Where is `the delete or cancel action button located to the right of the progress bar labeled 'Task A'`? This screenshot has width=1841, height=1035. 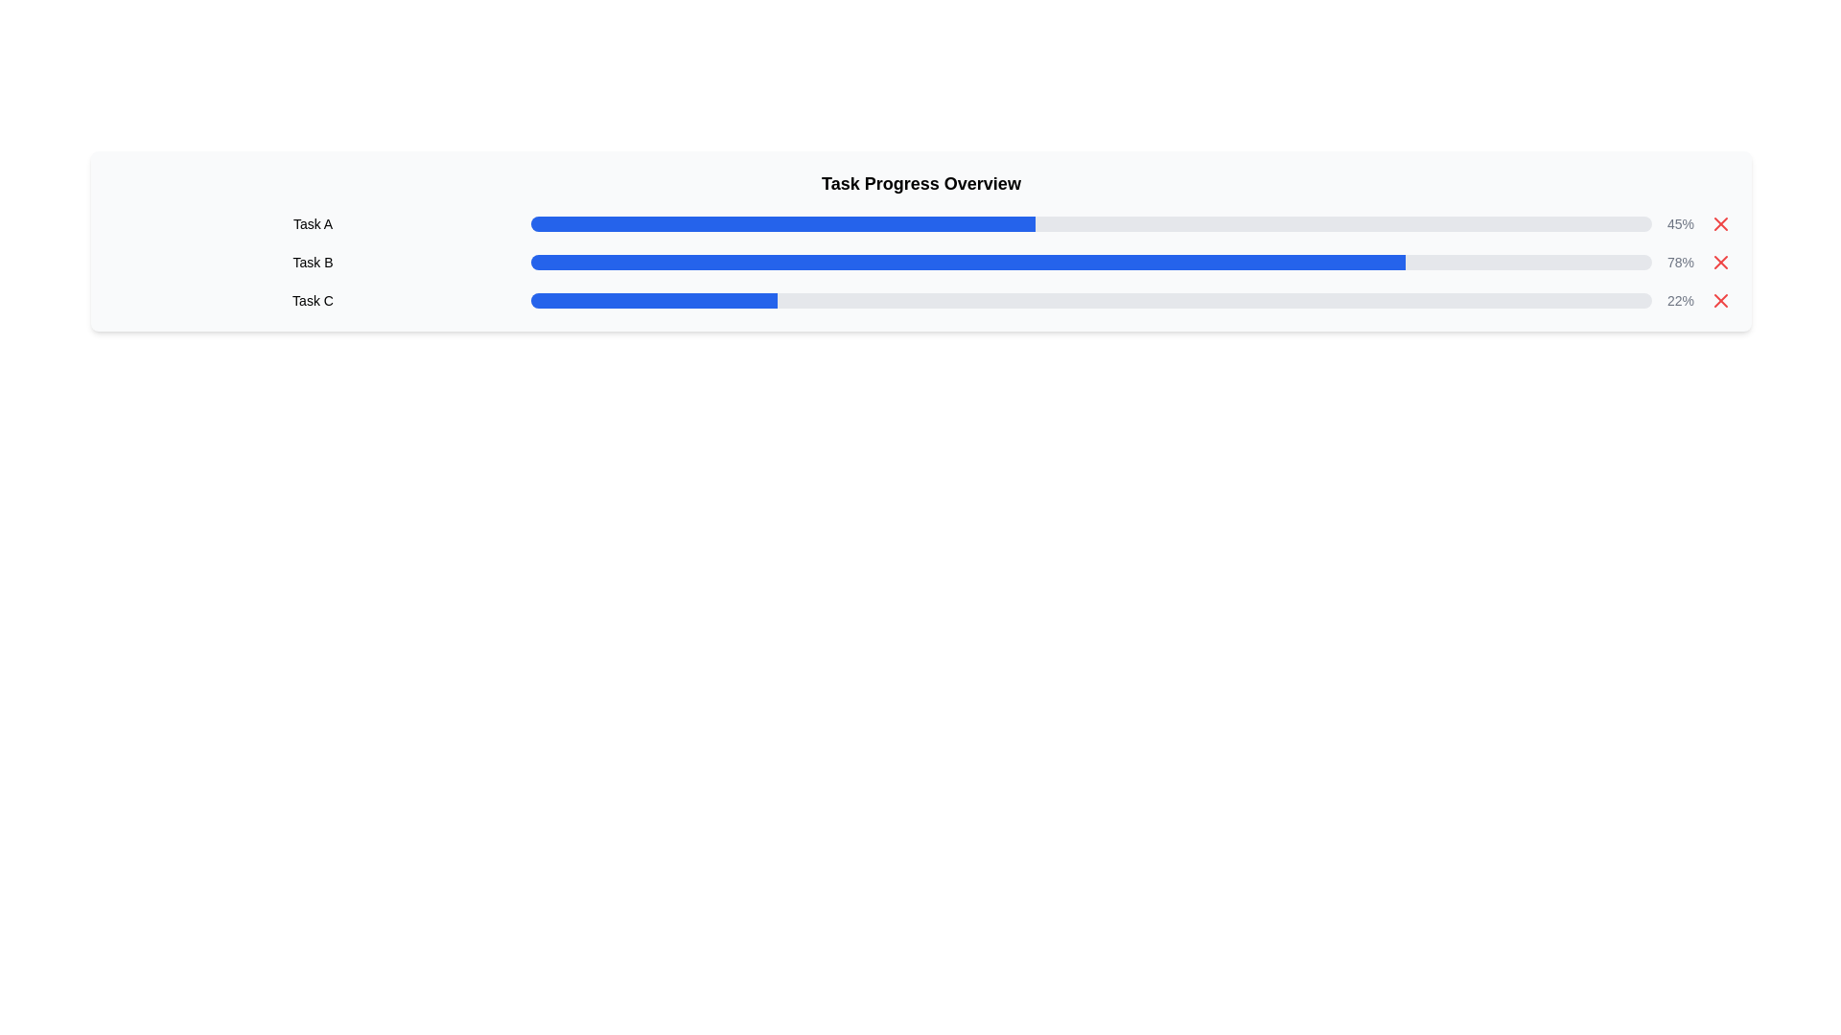 the delete or cancel action button located to the right of the progress bar labeled 'Task A' is located at coordinates (1721, 223).